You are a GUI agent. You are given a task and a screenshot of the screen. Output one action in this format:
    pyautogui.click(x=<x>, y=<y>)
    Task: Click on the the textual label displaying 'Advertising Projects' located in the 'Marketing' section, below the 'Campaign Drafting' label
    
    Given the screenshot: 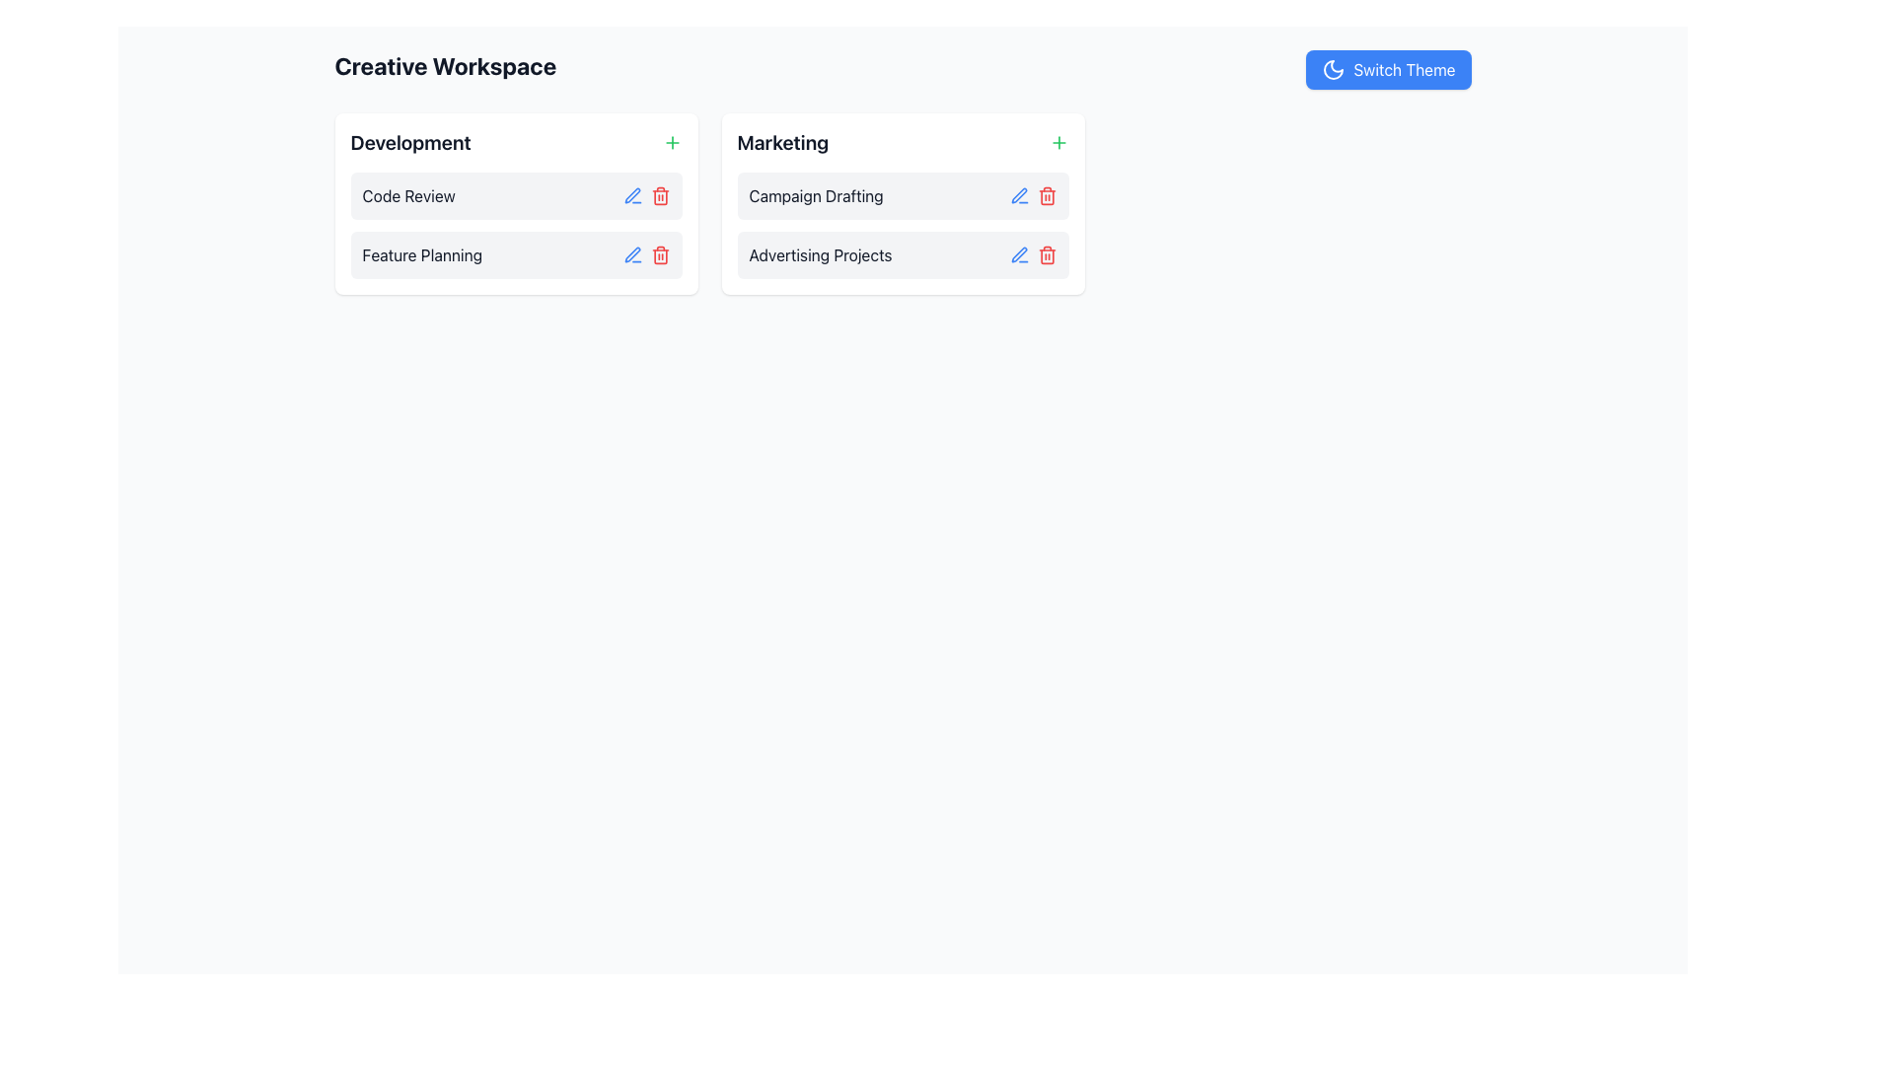 What is the action you would take?
    pyautogui.click(x=820, y=253)
    